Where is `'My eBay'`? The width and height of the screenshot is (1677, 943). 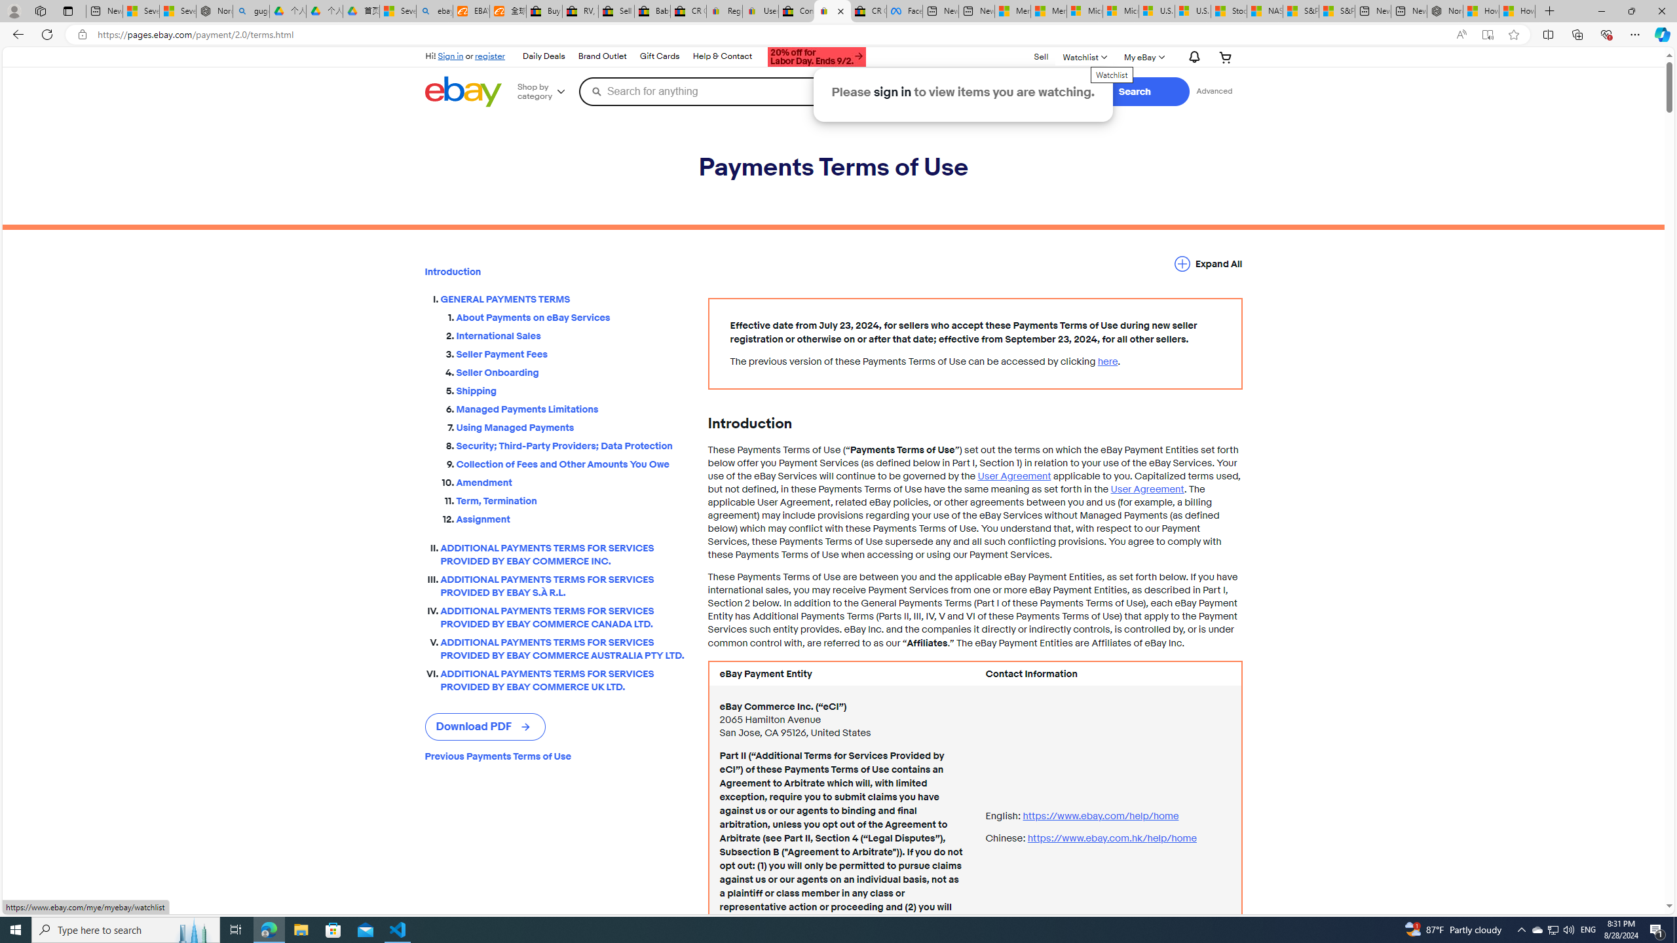 'My eBay' is located at coordinates (1142, 57).